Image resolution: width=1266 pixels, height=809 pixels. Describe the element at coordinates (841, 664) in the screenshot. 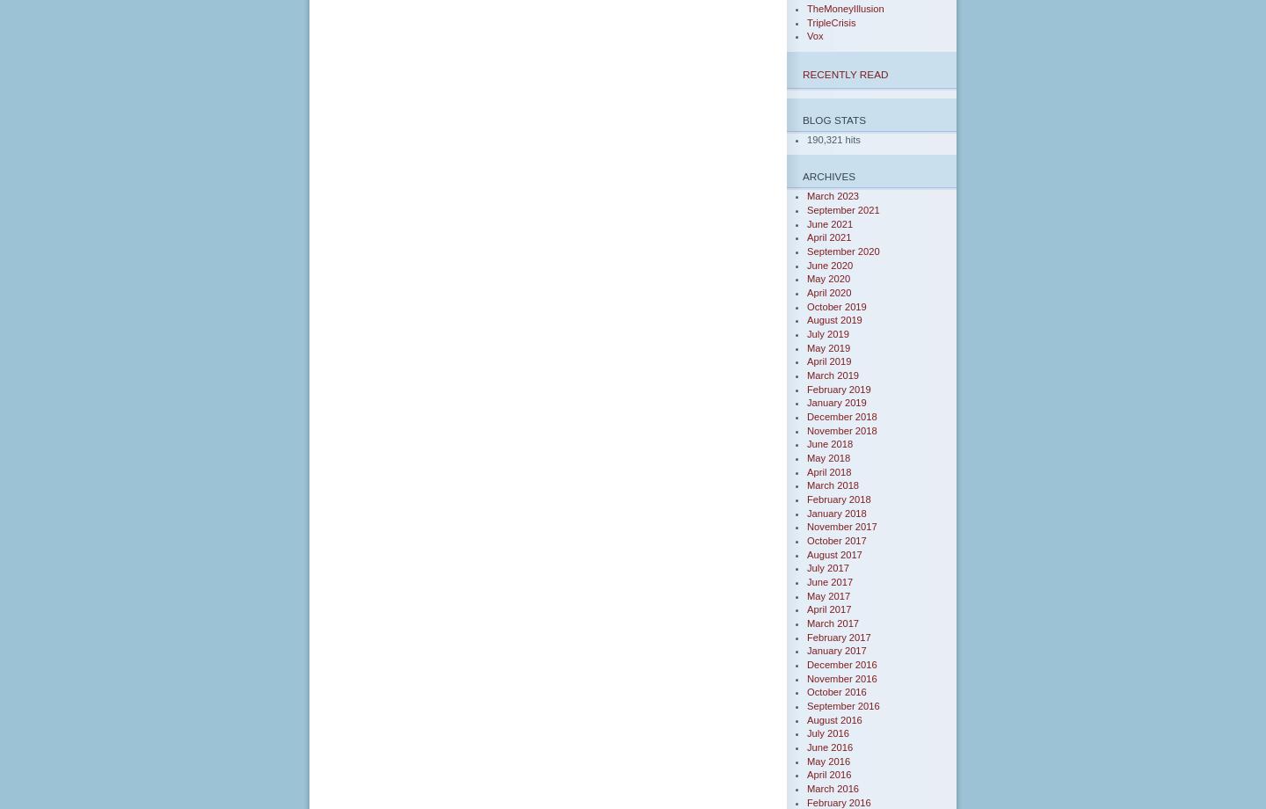

I see `'December 2016'` at that location.